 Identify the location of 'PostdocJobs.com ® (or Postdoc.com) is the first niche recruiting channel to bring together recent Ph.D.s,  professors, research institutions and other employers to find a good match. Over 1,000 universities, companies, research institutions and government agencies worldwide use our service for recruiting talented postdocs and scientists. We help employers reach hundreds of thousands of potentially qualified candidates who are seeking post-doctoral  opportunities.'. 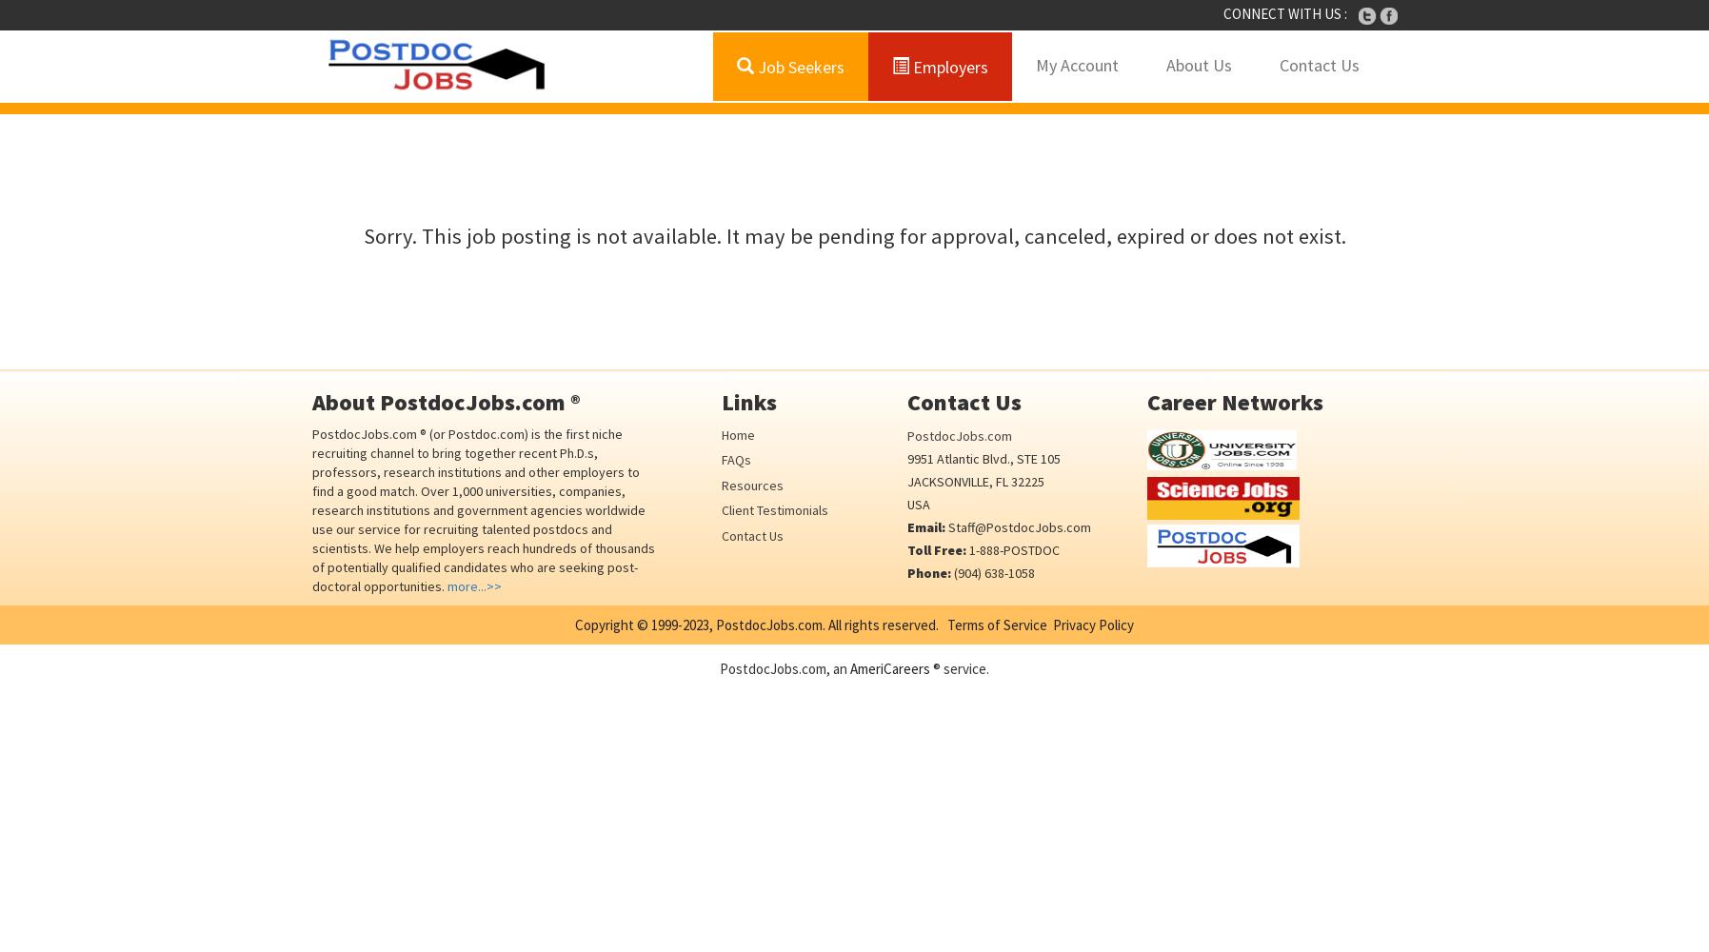
(483, 510).